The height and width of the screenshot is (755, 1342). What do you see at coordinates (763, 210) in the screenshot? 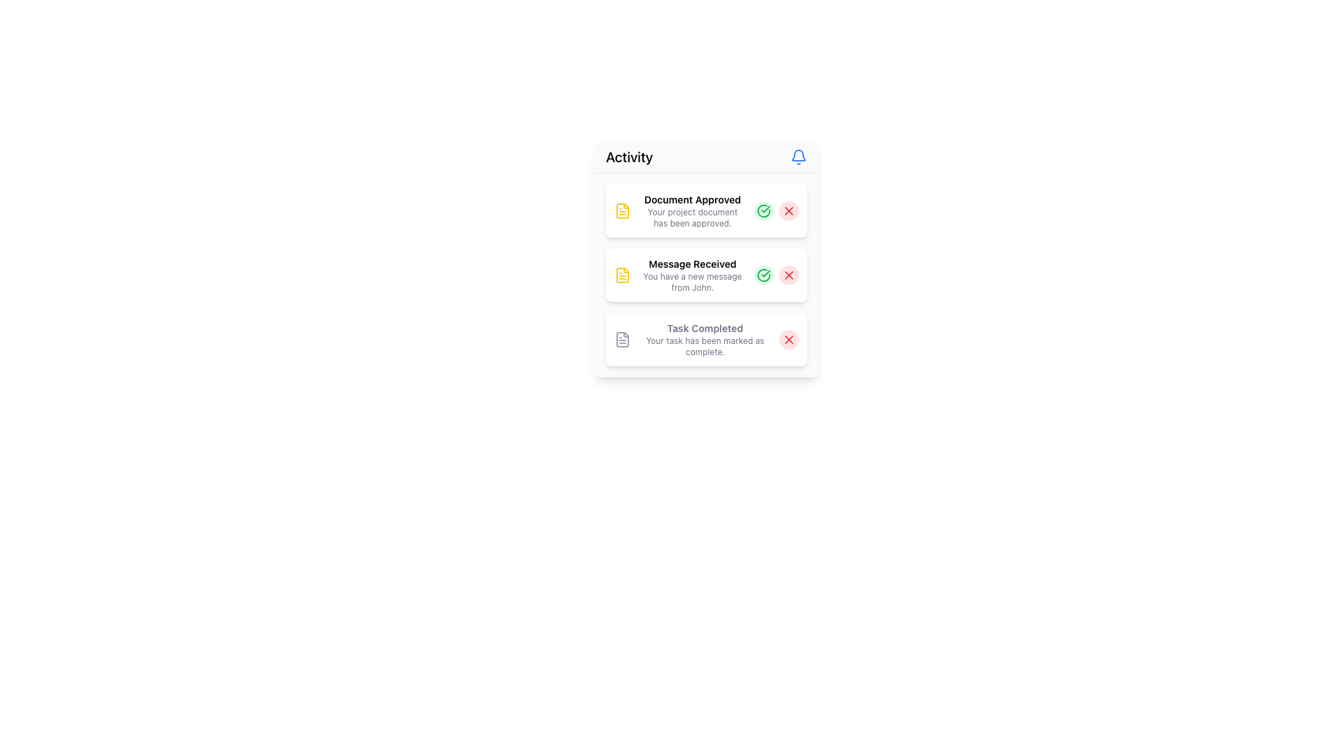
I see `the green circular Success Indicator Icon with a checkmark, located in the 'Activity' section next to the 'Document Approved' message` at bounding box center [763, 210].